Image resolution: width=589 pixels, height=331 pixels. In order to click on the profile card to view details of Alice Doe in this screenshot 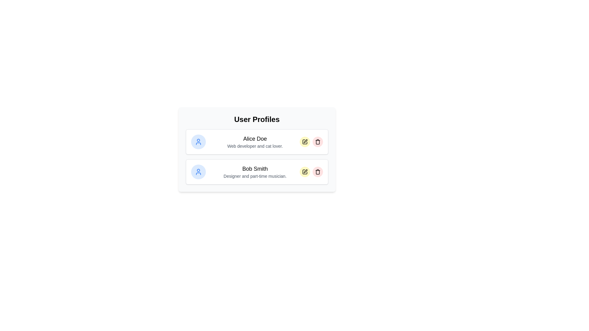, I will do `click(257, 142)`.